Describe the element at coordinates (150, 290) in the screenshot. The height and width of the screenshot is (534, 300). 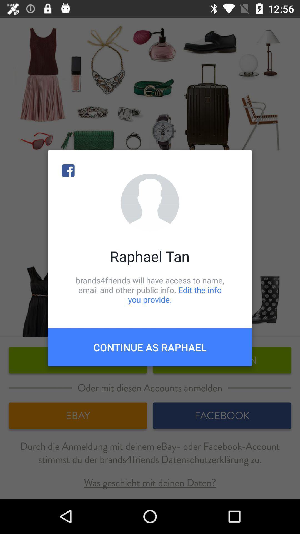
I see `brands4friends will have item` at that location.